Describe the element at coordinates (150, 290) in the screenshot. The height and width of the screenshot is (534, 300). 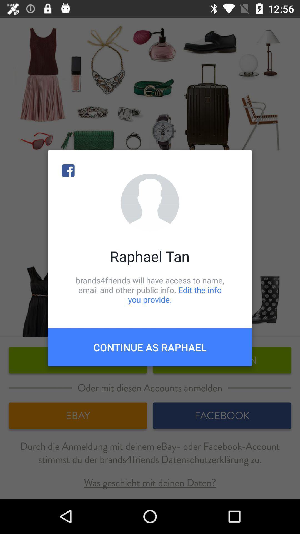
I see `brands4friends will have item` at that location.